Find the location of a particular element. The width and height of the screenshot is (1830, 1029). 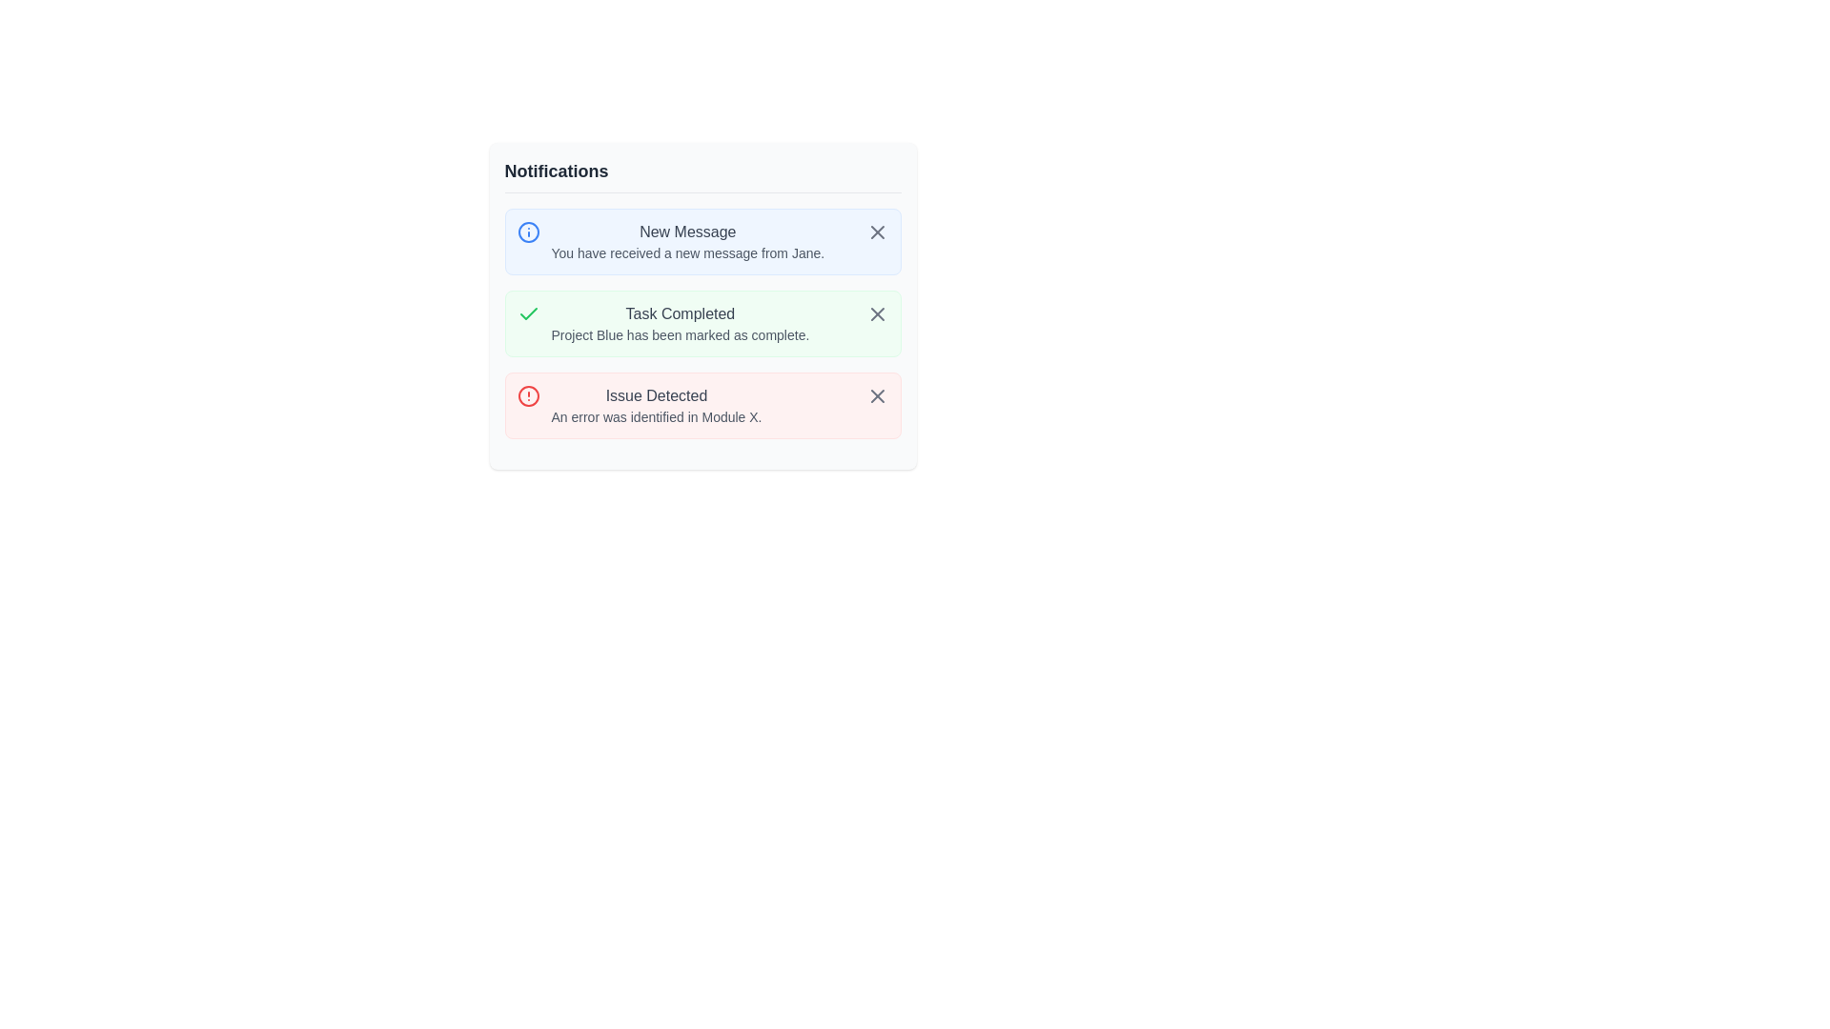

the close button for the 'Task Completed' notification is located at coordinates (876, 313).